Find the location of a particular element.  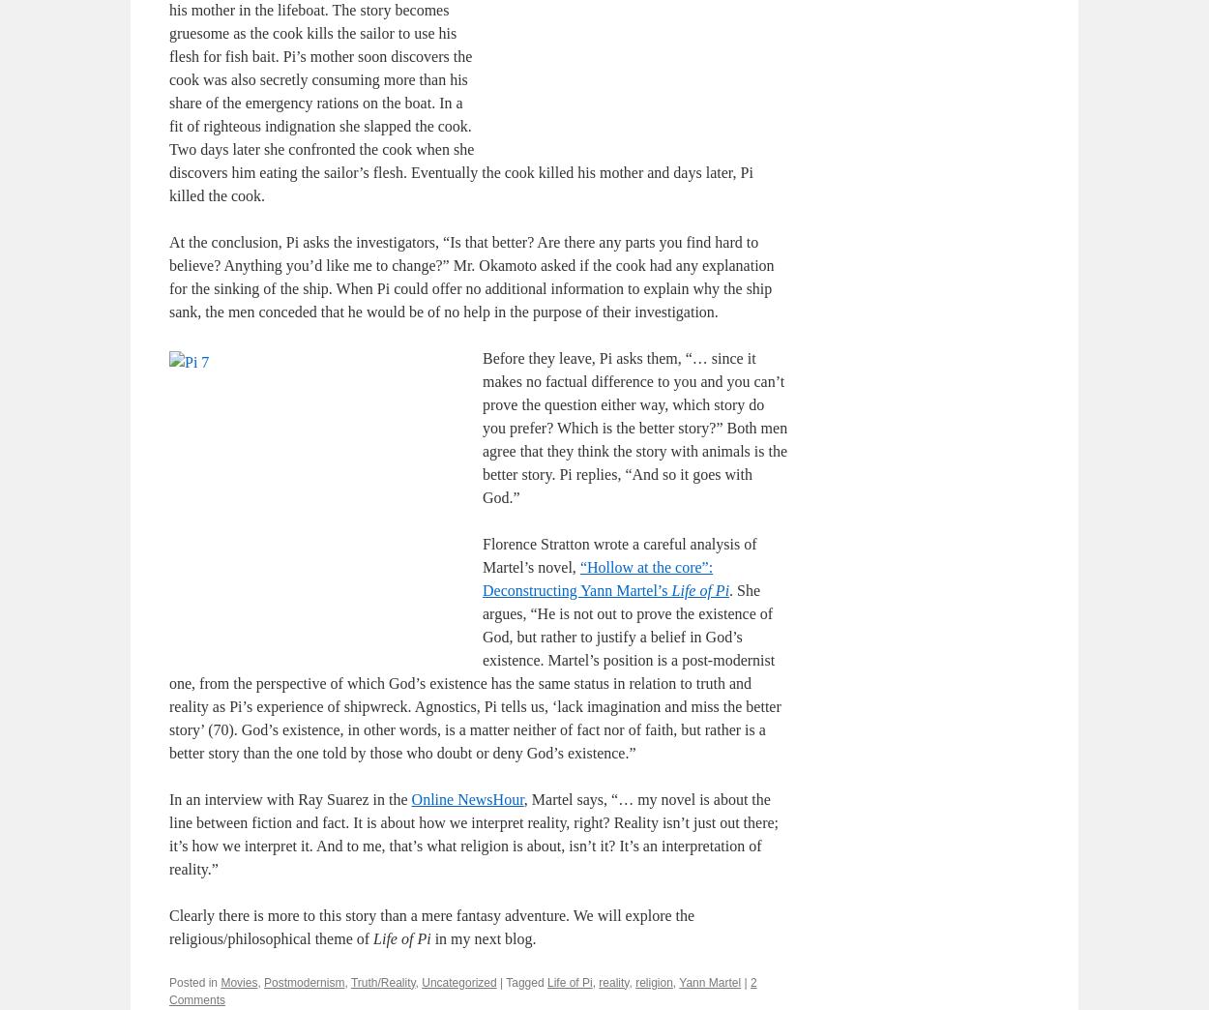

'At the conclusion, Pi asks the investigators, “Is that better? Are there any parts you find hard to believe? Anything you’d like me to change?” Mr. Okamoto asked if the cook had any explanation for the sinking of the ship. When Pi could offer no additional information to explain why the ship sank, the men conceded that he would be of no help in the purpose of their investigation.' is located at coordinates (470, 275).